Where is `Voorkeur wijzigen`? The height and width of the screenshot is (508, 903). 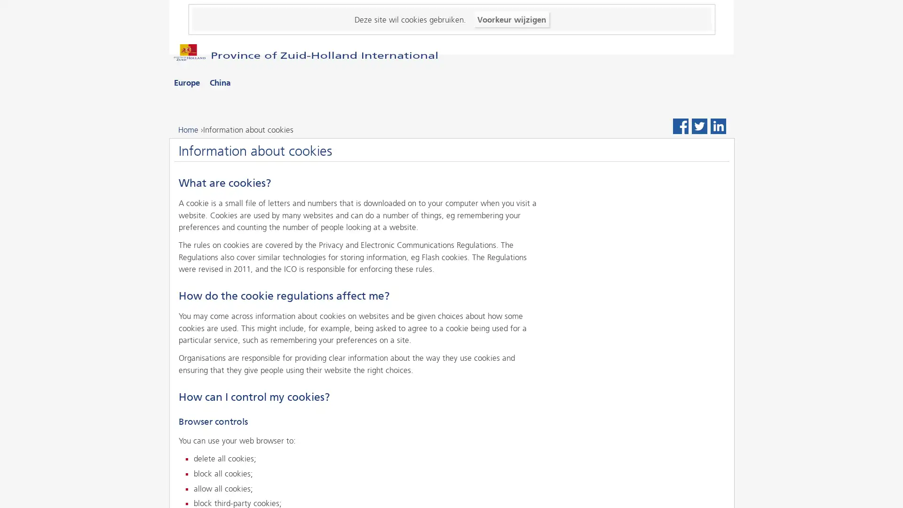
Voorkeur wijzigen is located at coordinates (510, 19).